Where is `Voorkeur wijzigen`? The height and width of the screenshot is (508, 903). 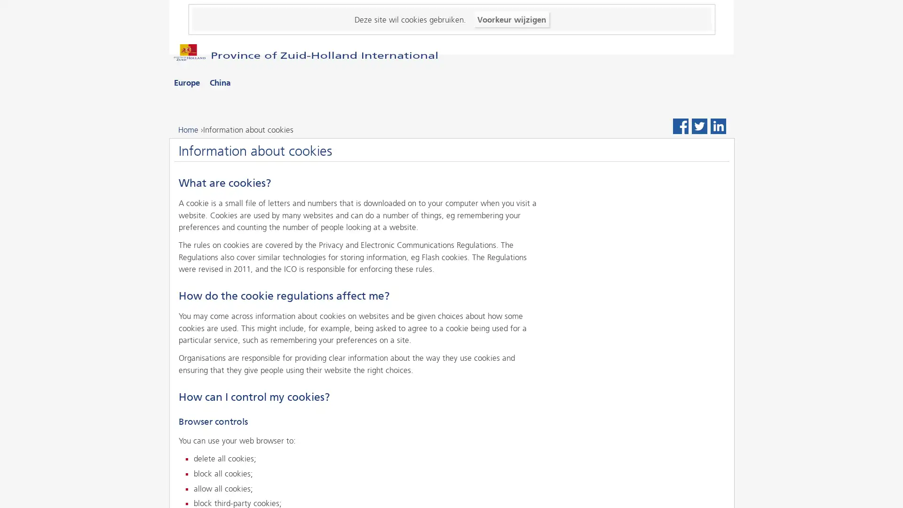
Voorkeur wijzigen is located at coordinates (510, 19).